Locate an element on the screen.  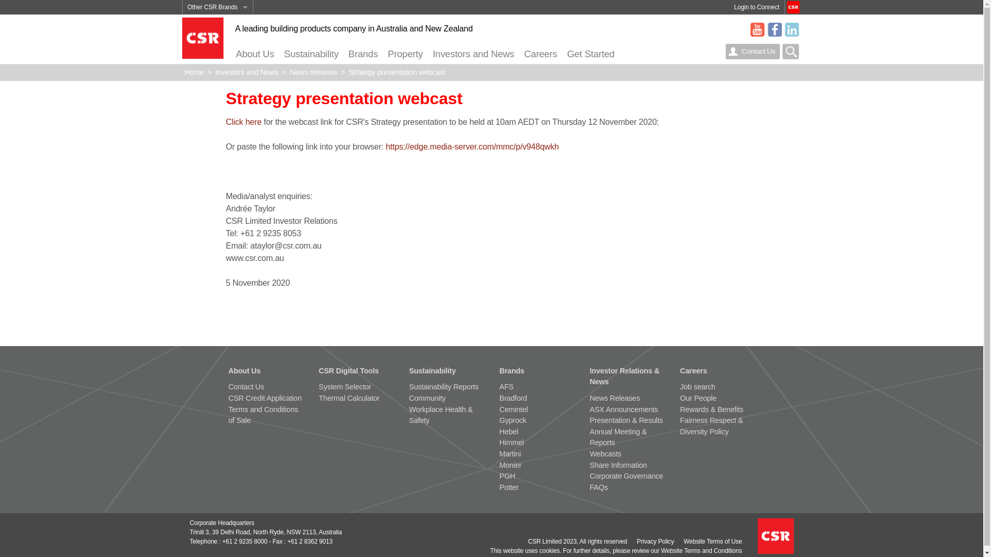
'AFS' is located at coordinates (506, 386).